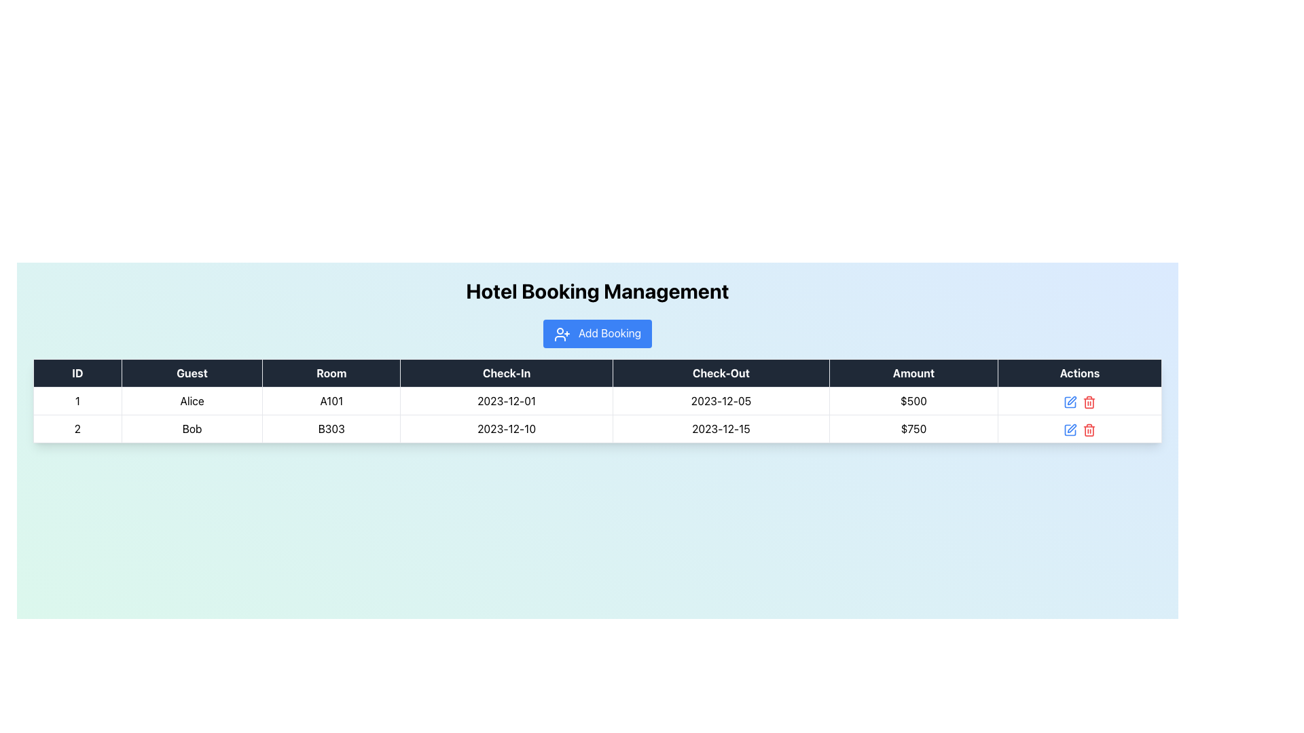 The width and height of the screenshot is (1304, 733). What do you see at coordinates (597, 333) in the screenshot?
I see `the 'Add Booking' button located beneath the 'Hotel Booking Management' title` at bounding box center [597, 333].